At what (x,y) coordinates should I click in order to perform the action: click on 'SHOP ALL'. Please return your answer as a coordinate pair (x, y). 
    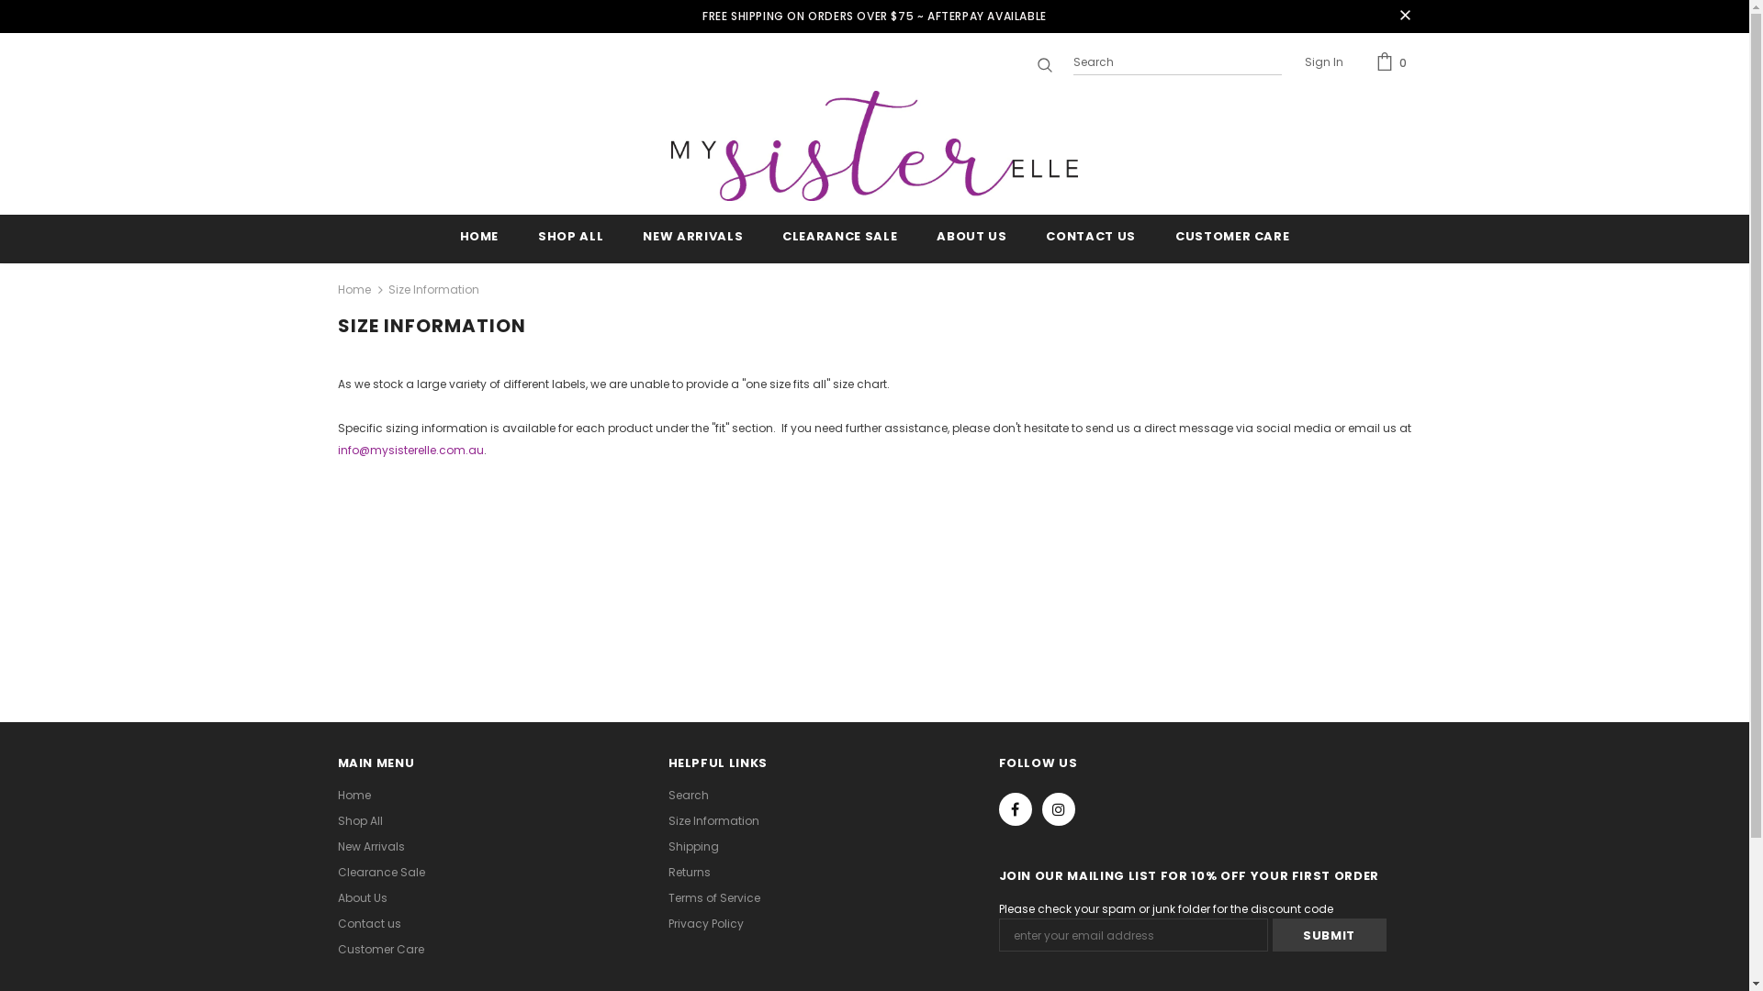
    Looking at the image, I should click on (536, 238).